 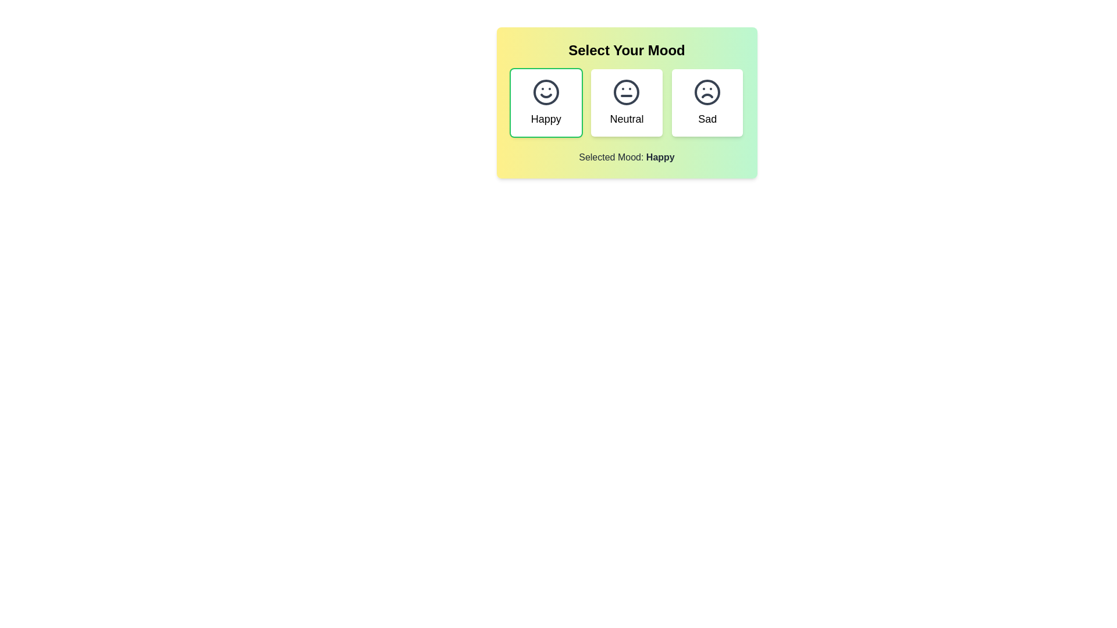 I want to click on the curved line forming the mouth of the smiley face in the 'Happy' emoji icon, so click(x=545, y=95).